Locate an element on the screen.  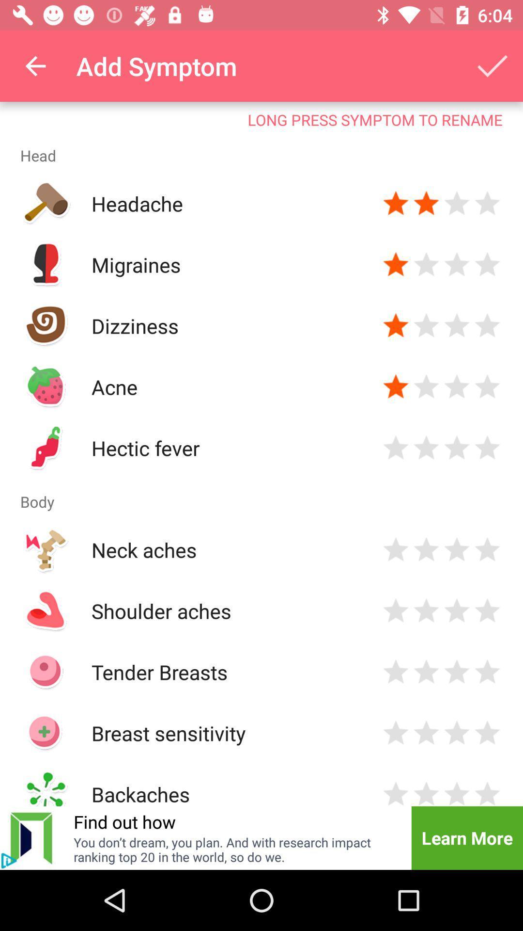
rate dizziness 3 stars is located at coordinates (457, 326).